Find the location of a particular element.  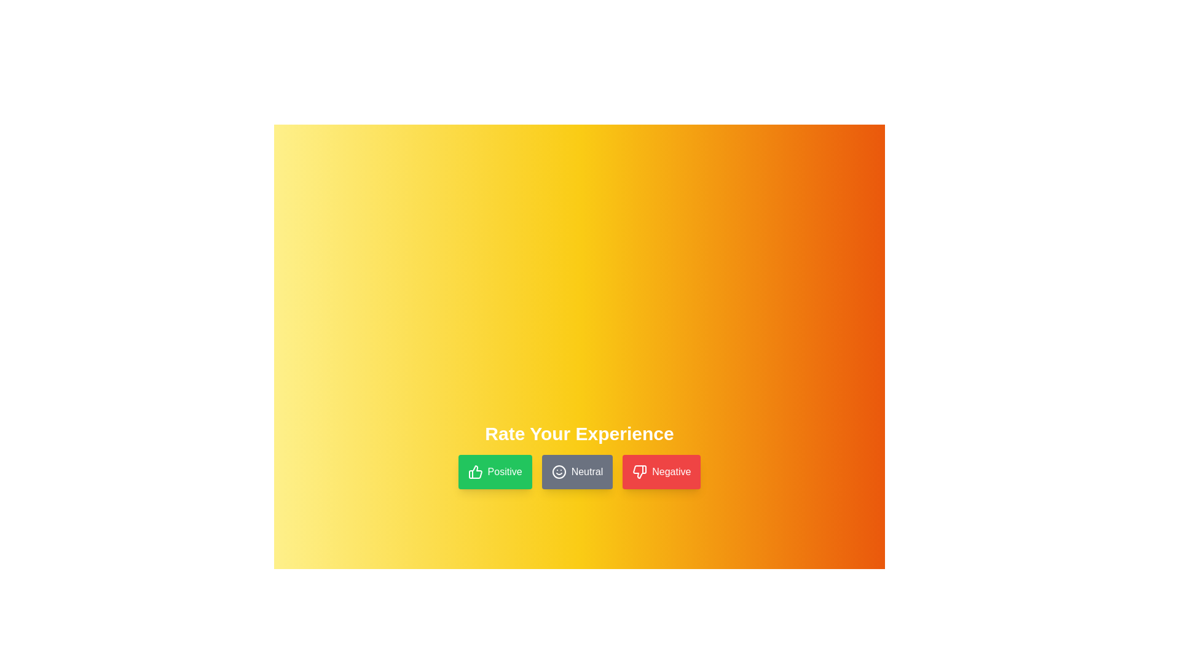

the thumbs-down icon inside the red 'Negative' button to acknowledge the visual feedback is located at coordinates (639, 471).